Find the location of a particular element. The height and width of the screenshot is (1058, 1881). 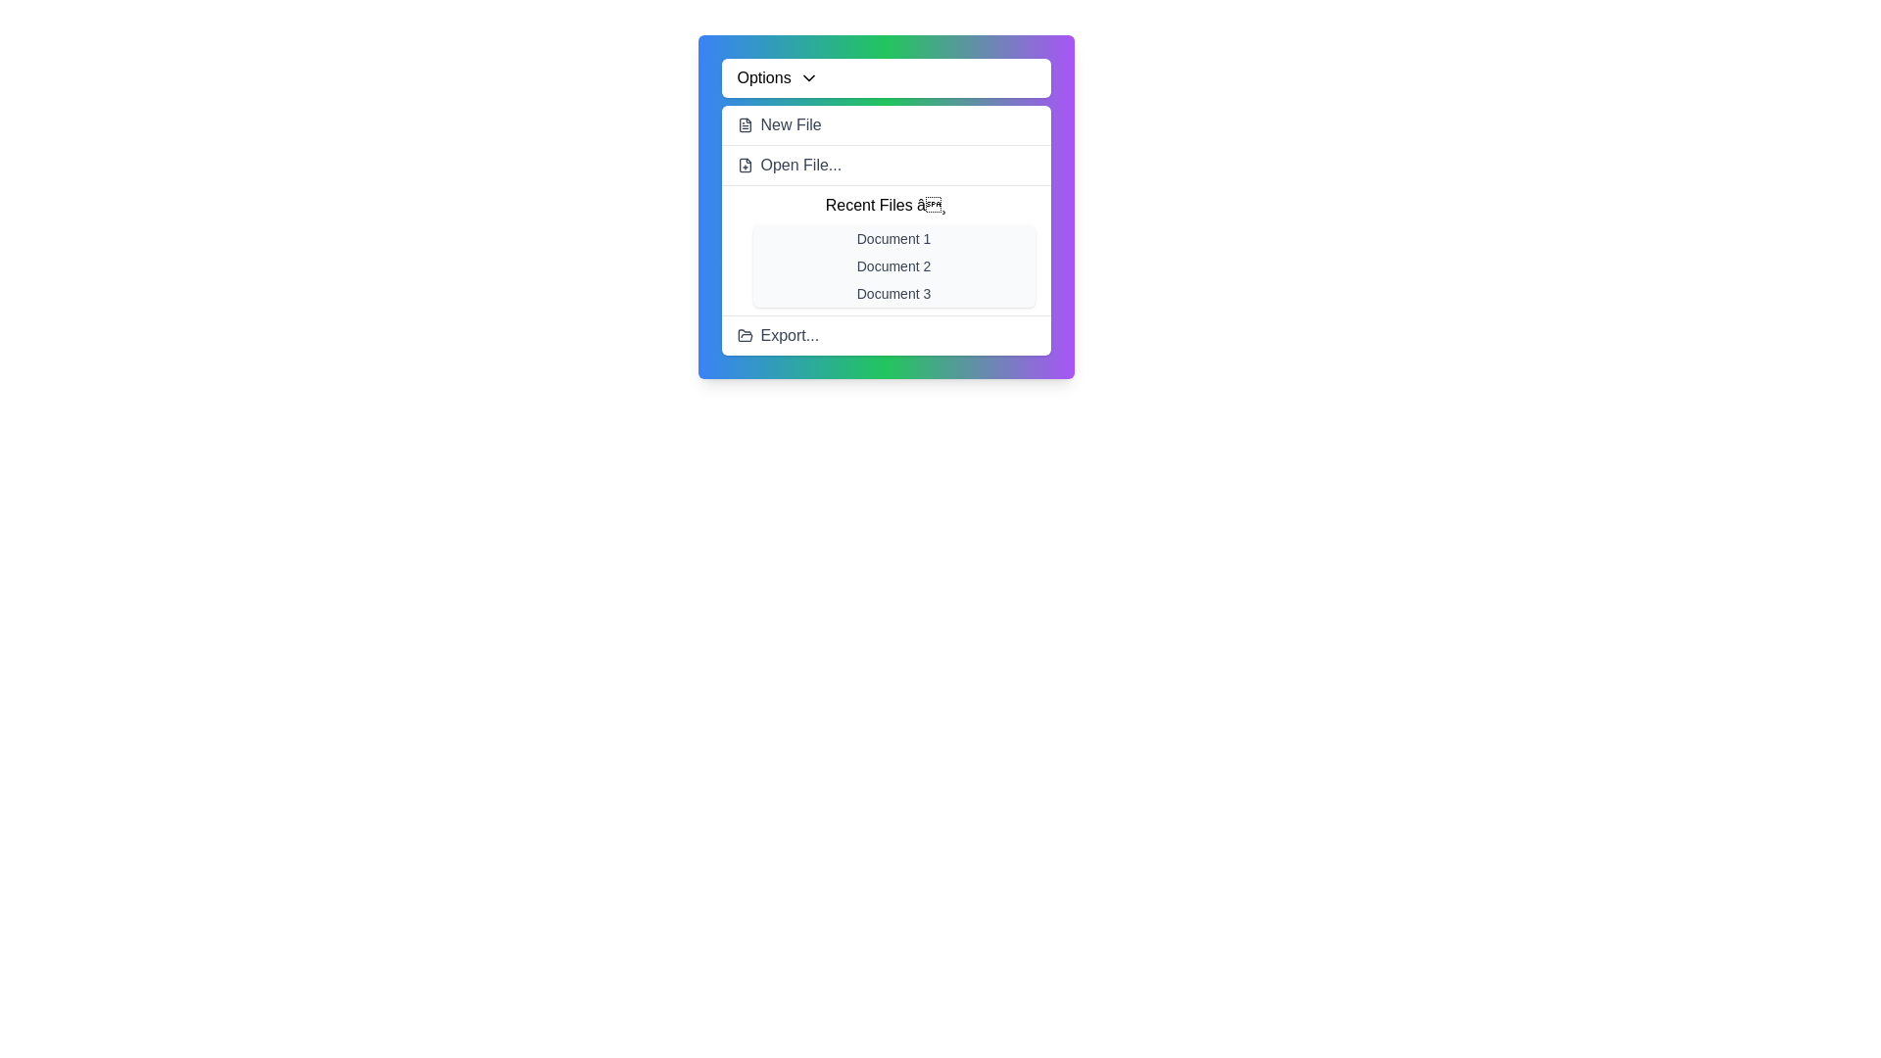

the 'New File' icon in the dropdown menu under the 'Options' button, which resembles a document or file with rounded corners is located at coordinates (744, 124).